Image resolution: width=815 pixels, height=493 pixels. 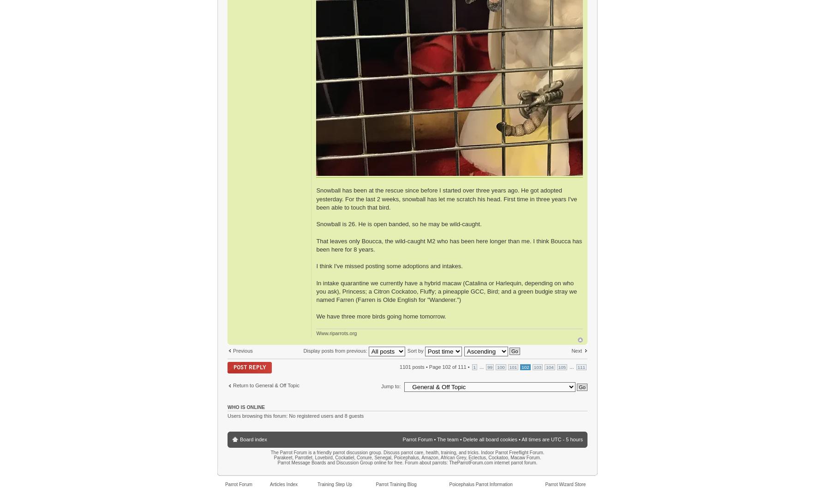 What do you see at coordinates (242, 350) in the screenshot?
I see `'Previous'` at bounding box center [242, 350].